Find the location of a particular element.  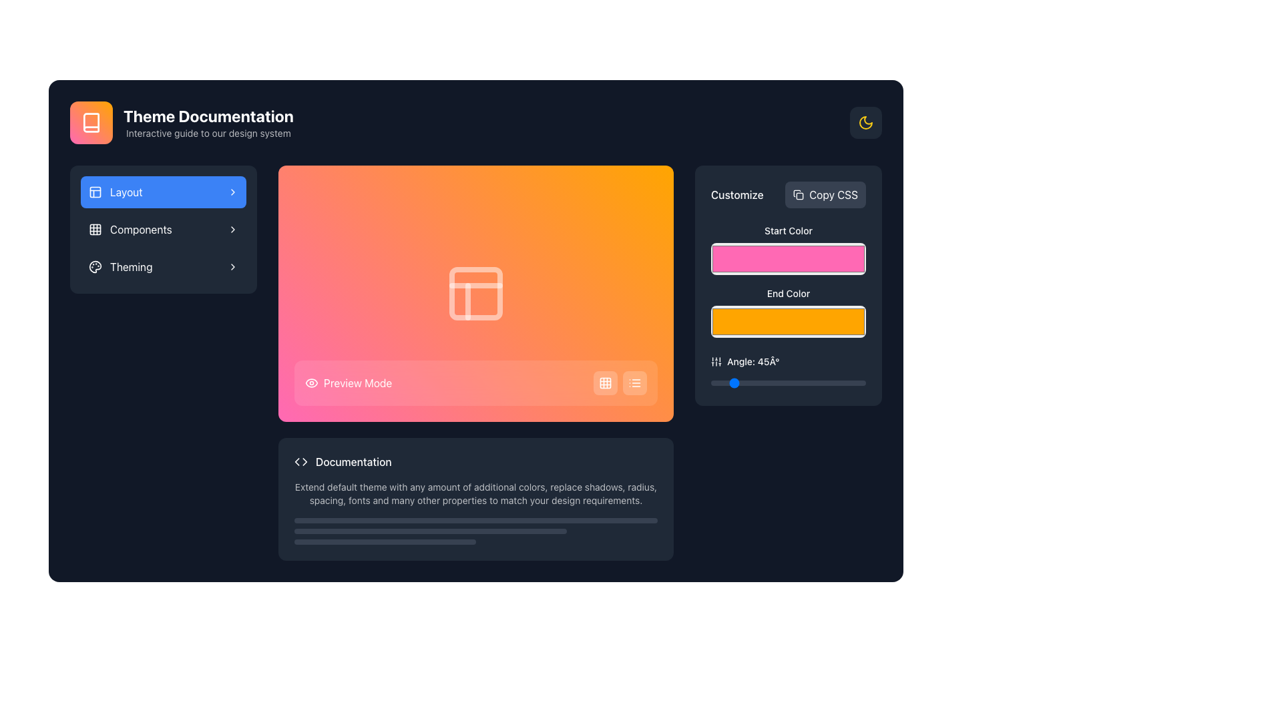

the slider value is located at coordinates (788, 383).